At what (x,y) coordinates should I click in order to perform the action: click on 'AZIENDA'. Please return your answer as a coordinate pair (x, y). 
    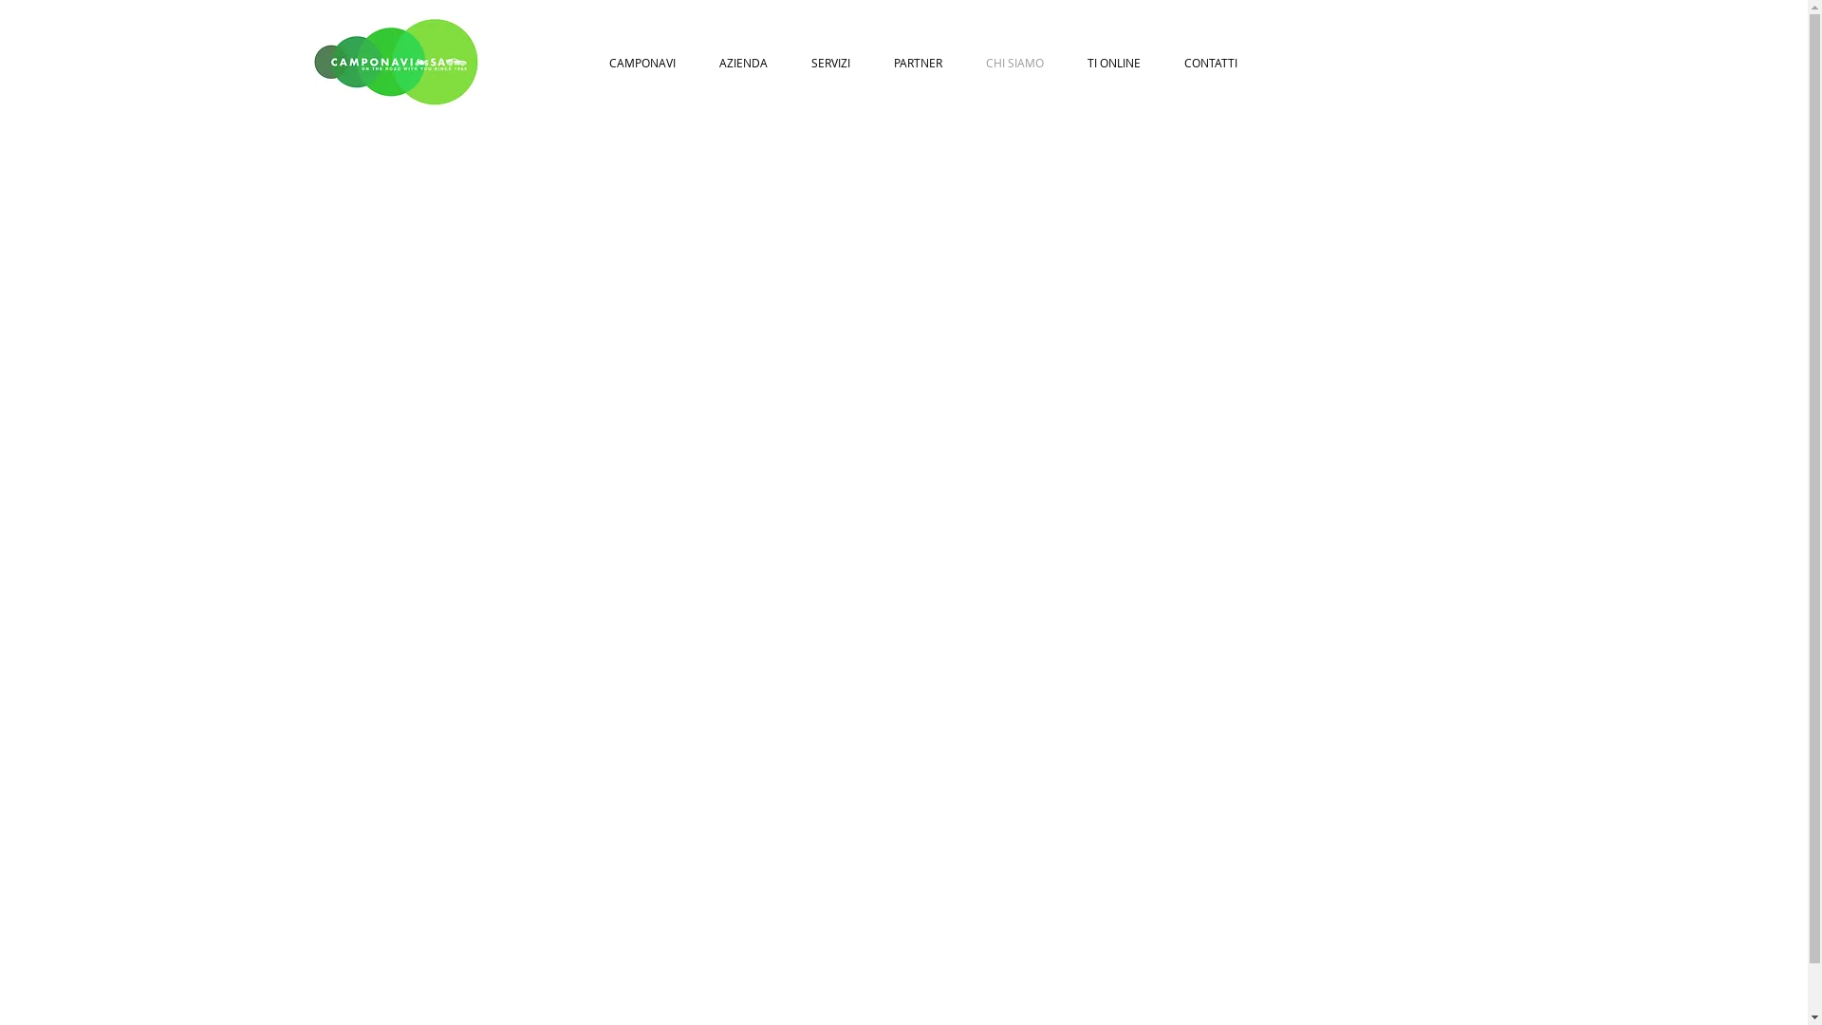
    Looking at the image, I should click on (742, 61).